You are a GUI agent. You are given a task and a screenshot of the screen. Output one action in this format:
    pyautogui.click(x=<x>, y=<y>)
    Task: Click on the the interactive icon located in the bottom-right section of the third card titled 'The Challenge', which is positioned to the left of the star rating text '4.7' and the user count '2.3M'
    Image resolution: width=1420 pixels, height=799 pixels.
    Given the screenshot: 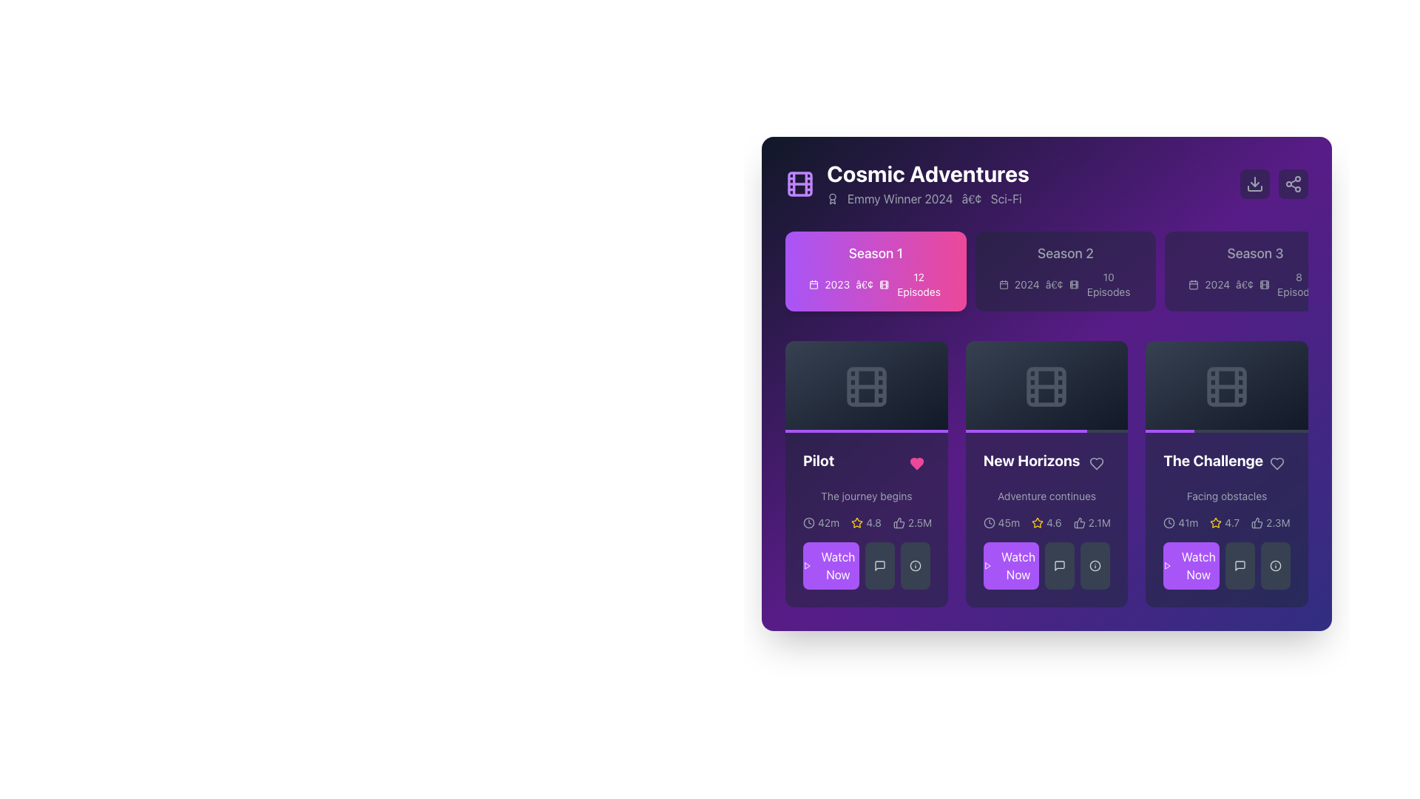 What is the action you would take?
    pyautogui.click(x=1169, y=522)
    